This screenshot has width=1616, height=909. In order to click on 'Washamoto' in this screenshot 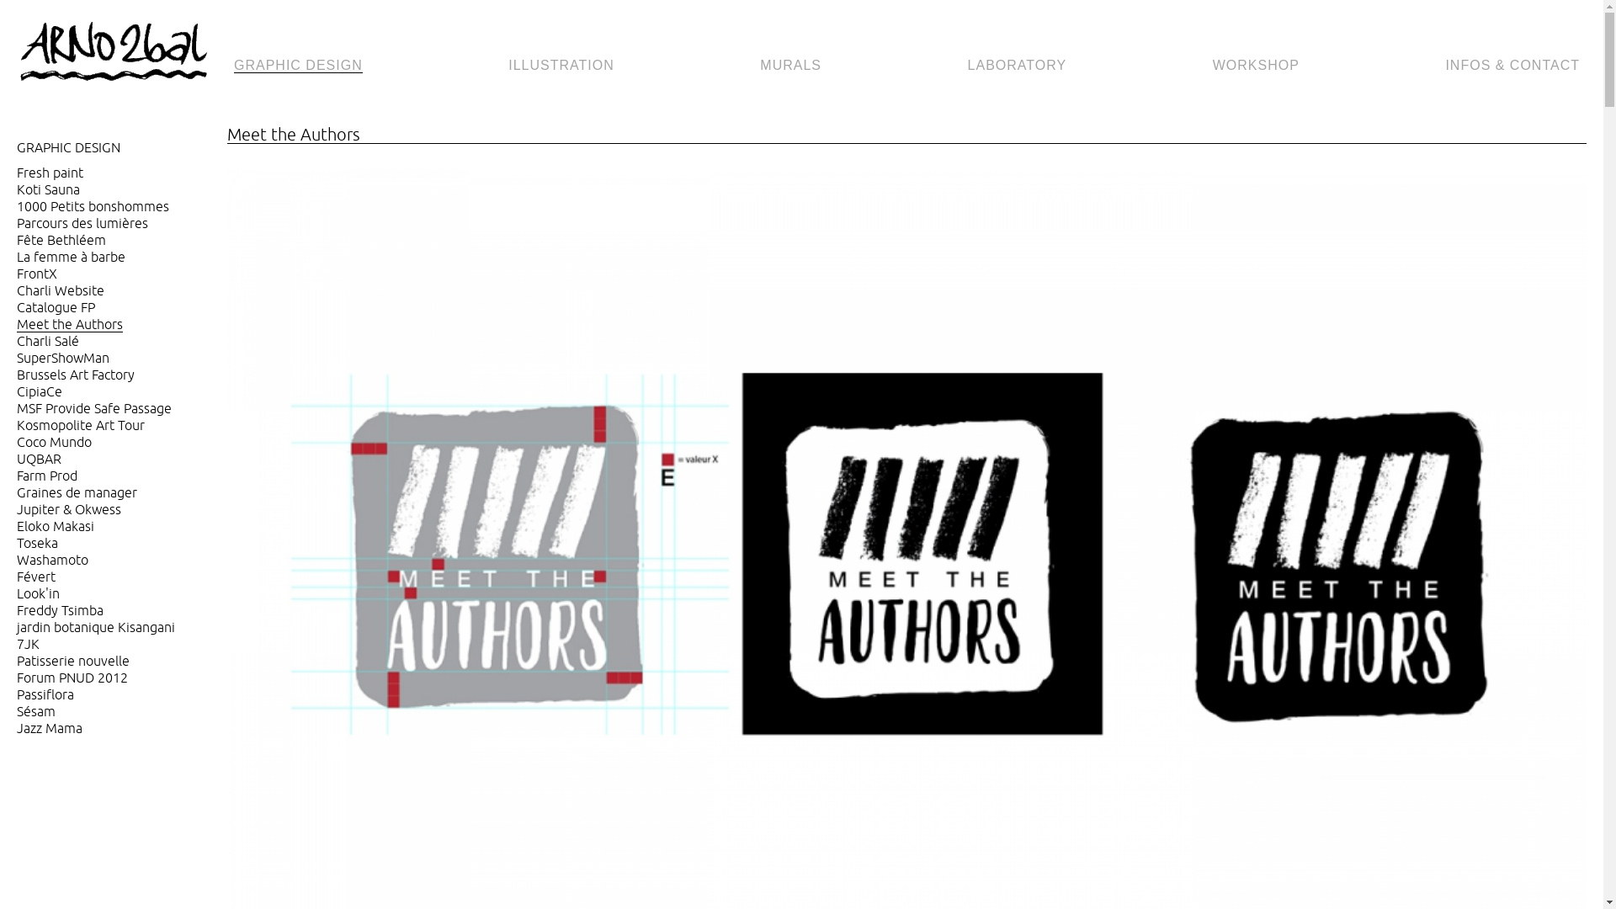, I will do `click(16, 560)`.